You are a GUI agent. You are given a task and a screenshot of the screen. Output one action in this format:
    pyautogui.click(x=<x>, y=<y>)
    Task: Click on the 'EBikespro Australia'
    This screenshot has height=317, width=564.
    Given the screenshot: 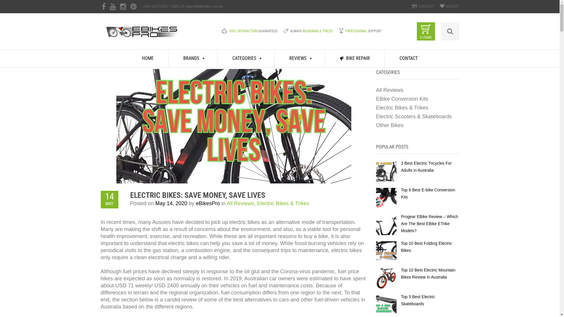 What is the action you would take?
    pyautogui.click(x=142, y=35)
    